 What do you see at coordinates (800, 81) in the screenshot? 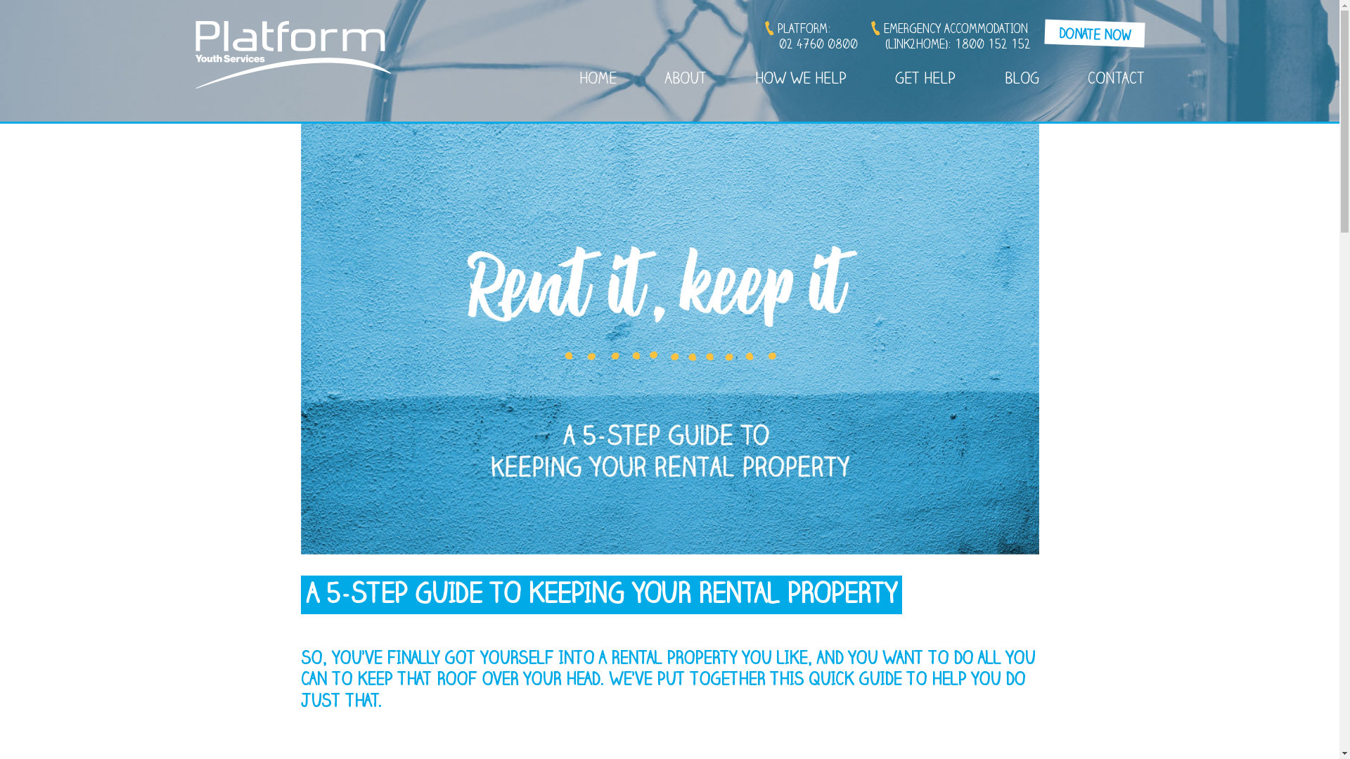
I see `'HOW WE HELP'` at bounding box center [800, 81].